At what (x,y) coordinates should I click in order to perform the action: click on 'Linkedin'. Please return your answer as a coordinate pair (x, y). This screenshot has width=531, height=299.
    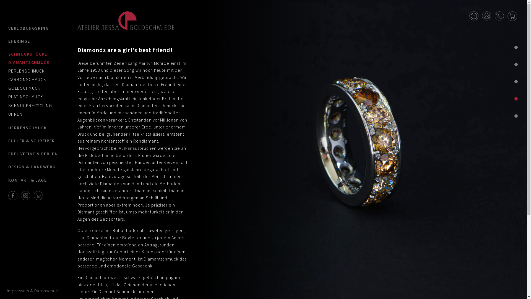
    Looking at the image, I should click on (38, 195).